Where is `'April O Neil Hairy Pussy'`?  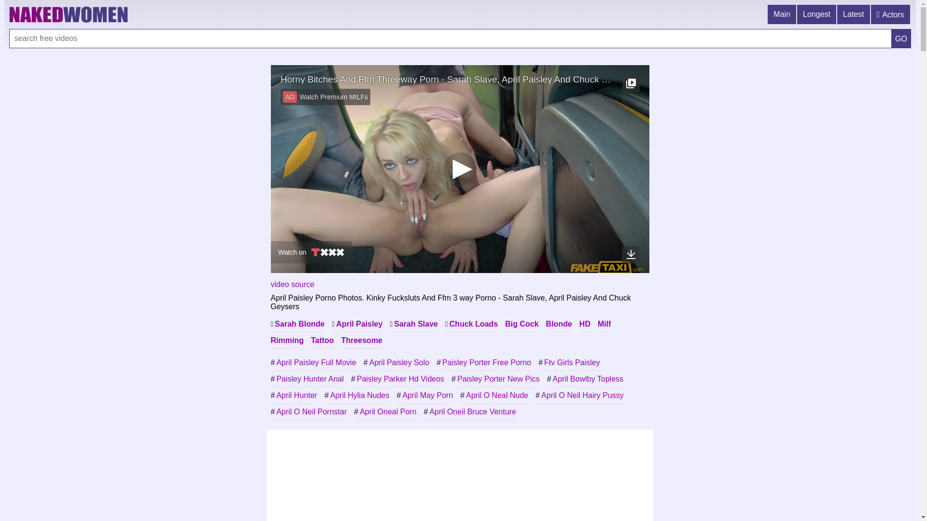 'April O Neil Hairy Pussy' is located at coordinates (579, 396).